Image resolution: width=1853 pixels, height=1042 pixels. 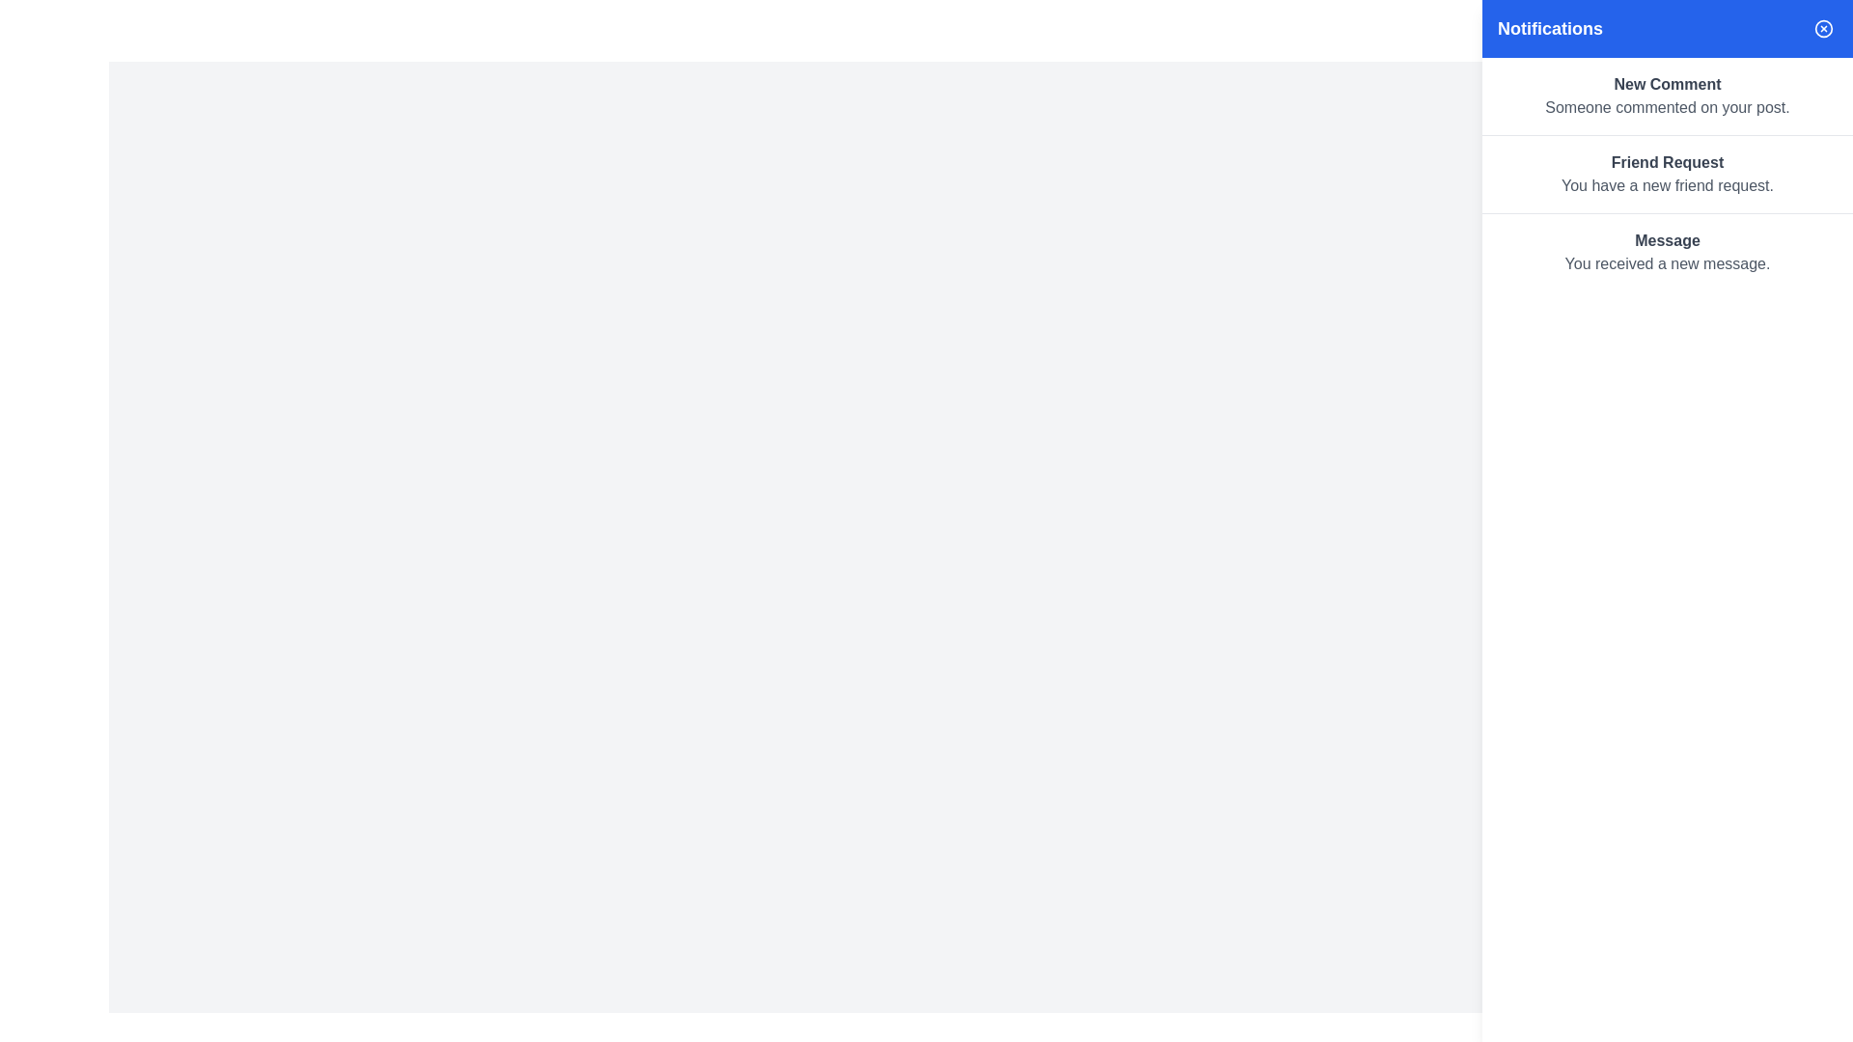 I want to click on the close button located in the top-right corner of the notification panel, so click(x=1823, y=29).